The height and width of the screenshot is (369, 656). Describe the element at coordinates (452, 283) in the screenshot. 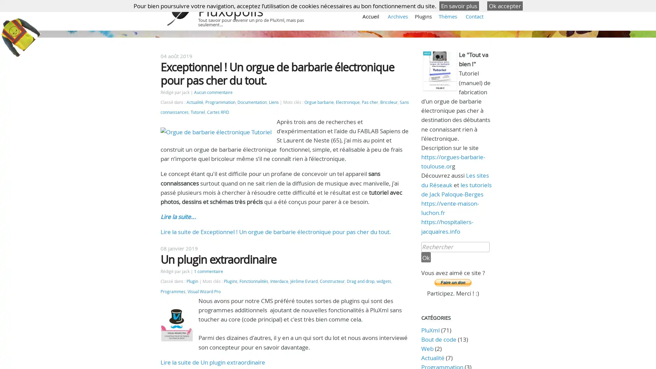

I see `Submit` at that location.